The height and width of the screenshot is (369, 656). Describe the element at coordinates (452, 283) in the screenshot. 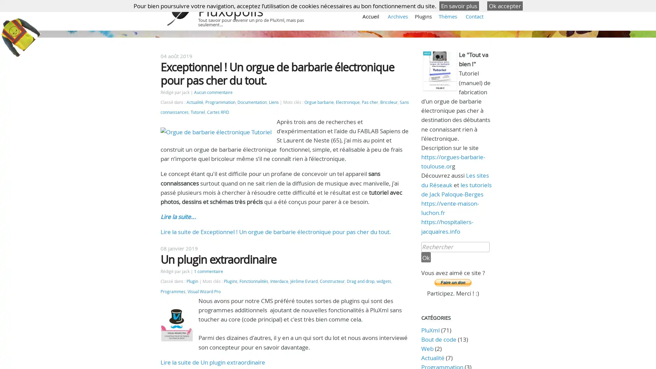

I see `Submit` at that location.